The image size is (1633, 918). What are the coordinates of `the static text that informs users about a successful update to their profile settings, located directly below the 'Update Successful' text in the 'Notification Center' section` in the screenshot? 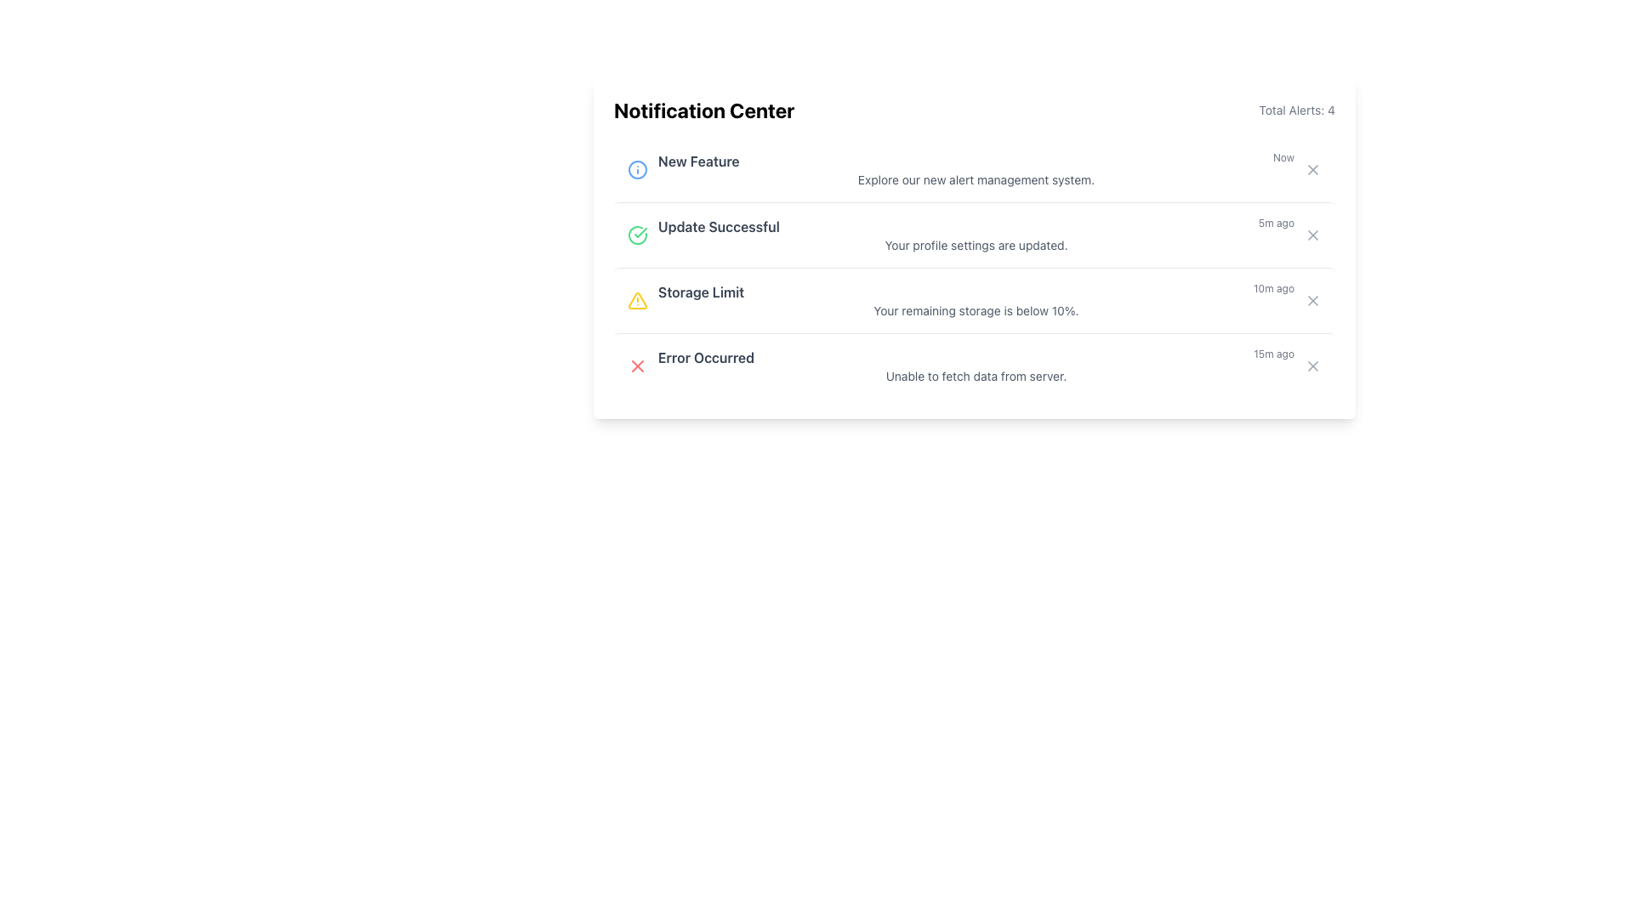 It's located at (976, 246).